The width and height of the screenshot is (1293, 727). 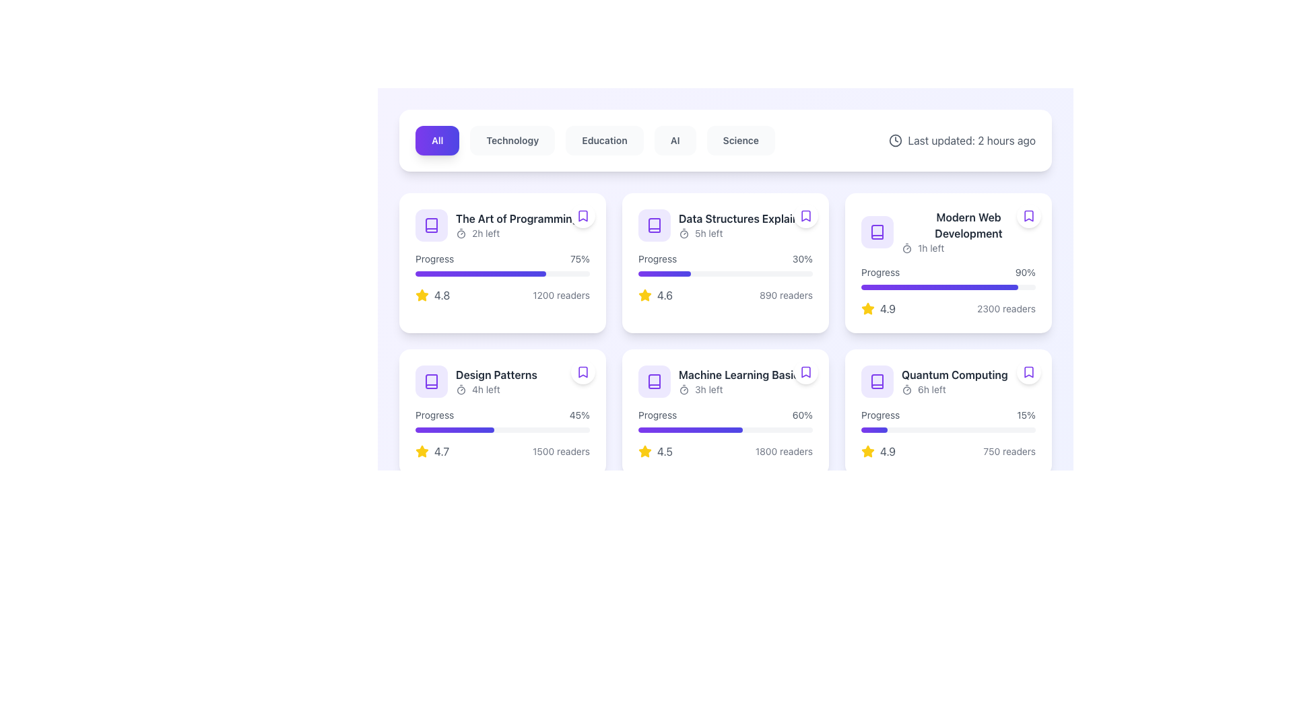 I want to click on the informational Text label indicating remaining time, located in the rightmost card of the second row, so click(x=931, y=389).